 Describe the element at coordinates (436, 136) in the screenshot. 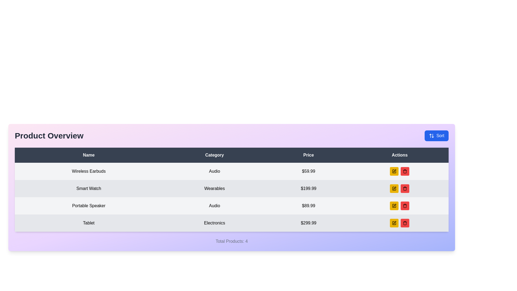

I see `the rounded rectangular blue button with the 'Sort' text and two arrows icon` at that location.